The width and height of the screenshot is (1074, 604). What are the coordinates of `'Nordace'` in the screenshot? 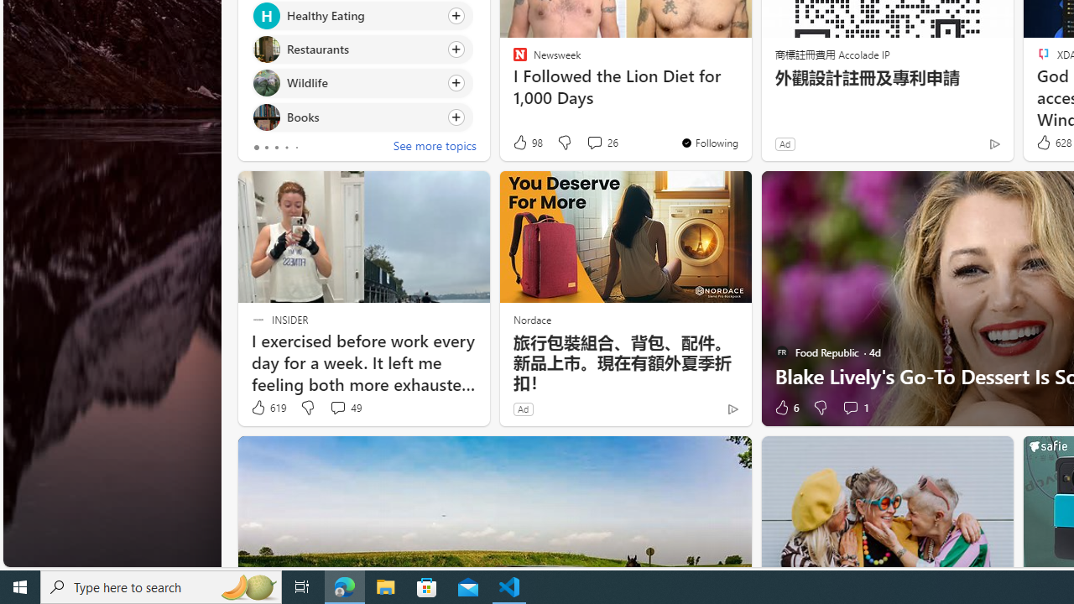 It's located at (530, 319).